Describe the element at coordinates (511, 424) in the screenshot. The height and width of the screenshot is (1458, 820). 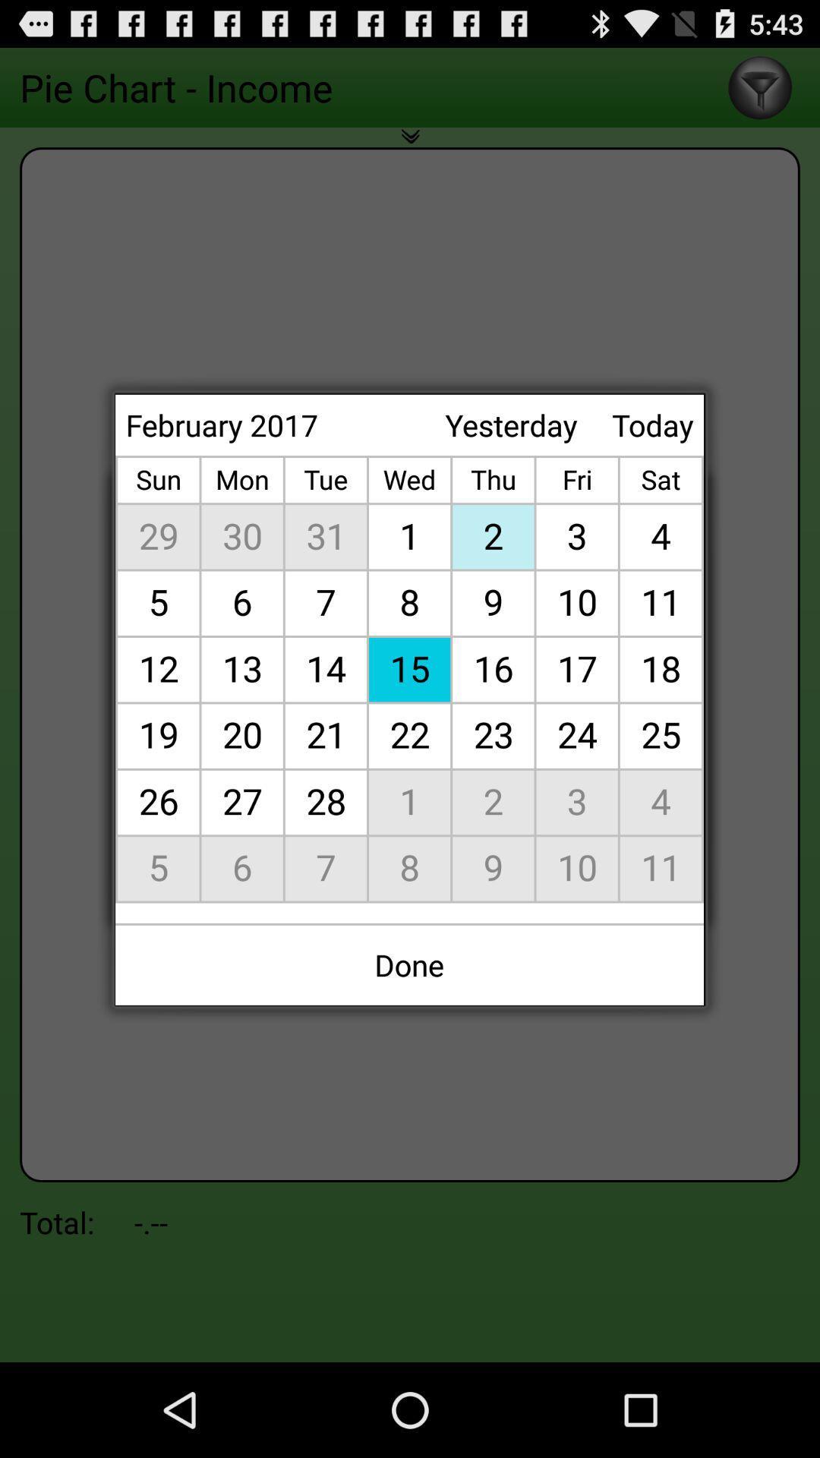
I see `yesterday item` at that location.